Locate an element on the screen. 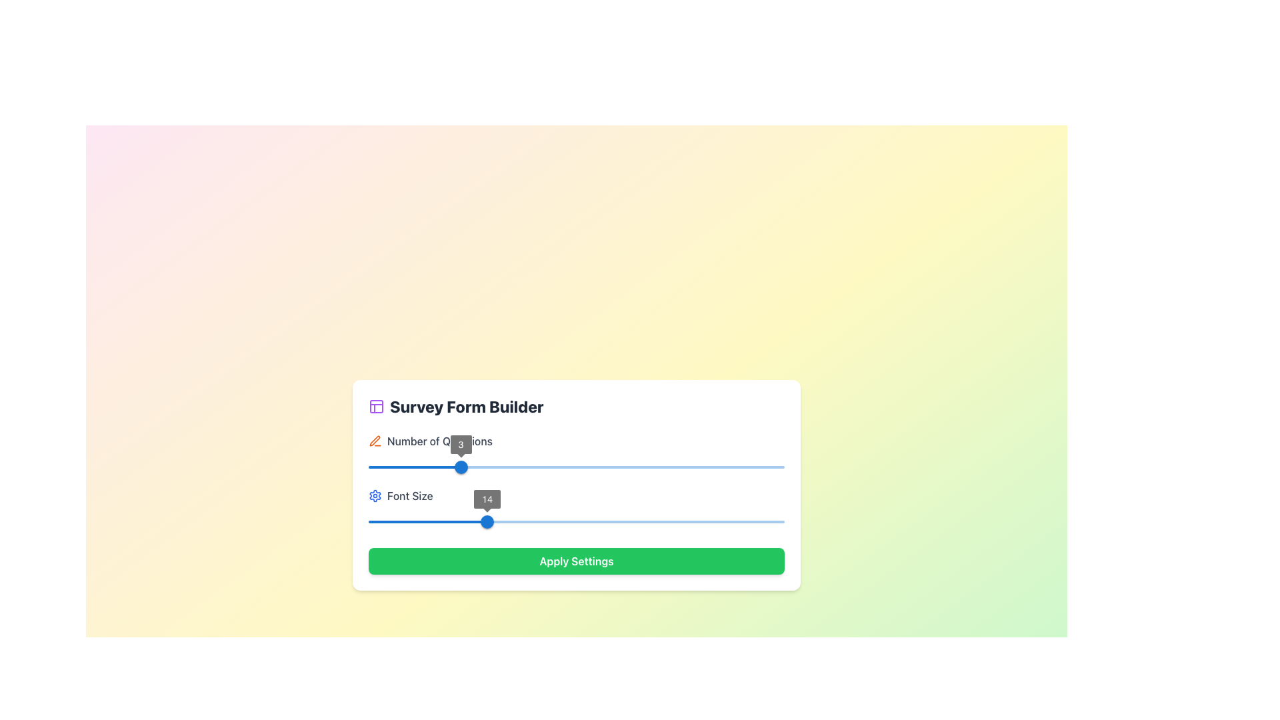 The image size is (1280, 720). the slider is located at coordinates (576, 467).